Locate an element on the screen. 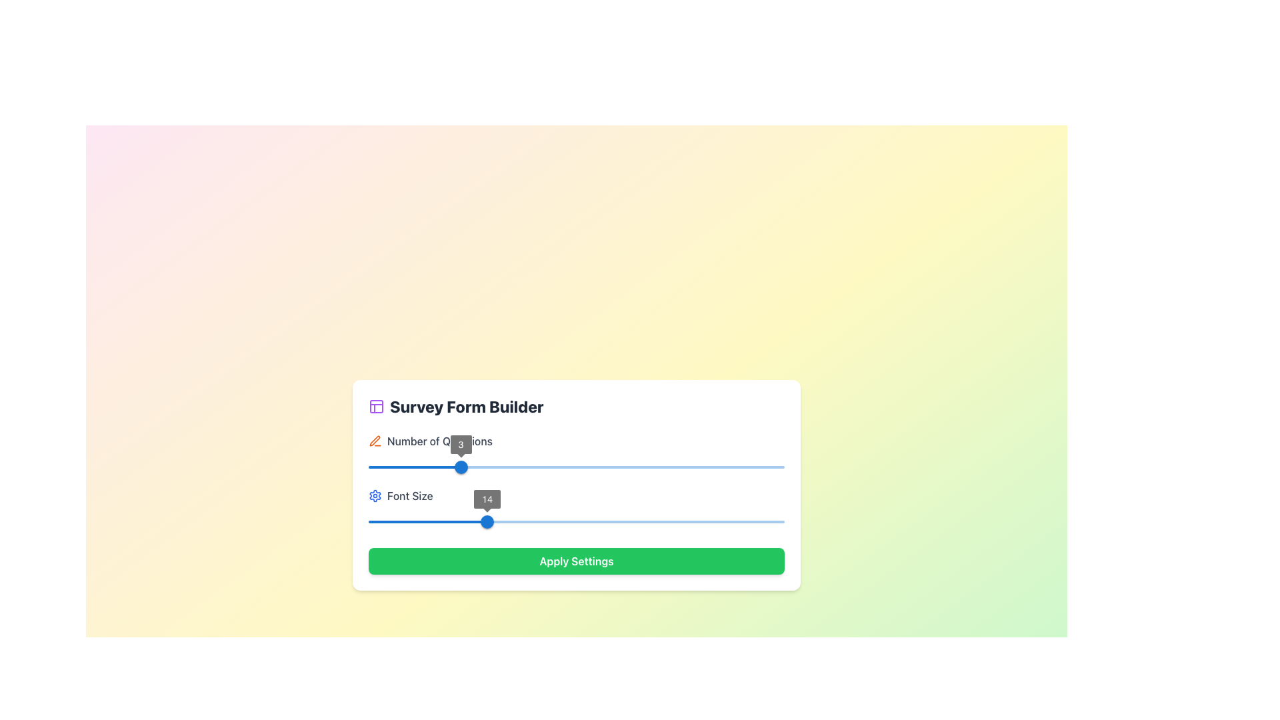 The image size is (1280, 720). the slider is located at coordinates (576, 467).